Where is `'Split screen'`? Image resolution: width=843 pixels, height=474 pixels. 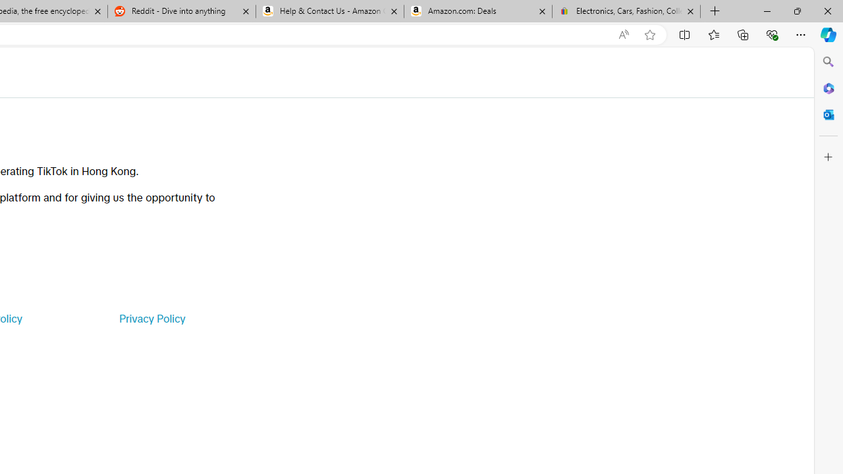 'Split screen' is located at coordinates (685, 34).